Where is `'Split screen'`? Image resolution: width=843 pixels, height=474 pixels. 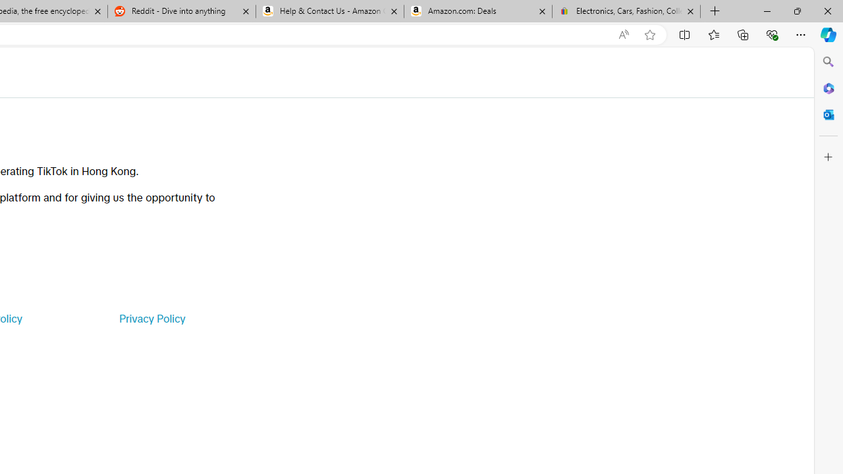 'Split screen' is located at coordinates (685, 34).